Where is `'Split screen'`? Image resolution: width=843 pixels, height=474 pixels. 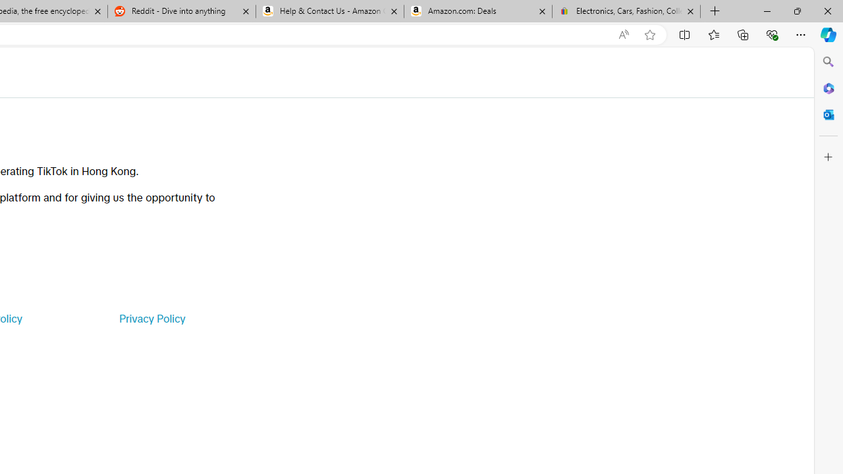 'Split screen' is located at coordinates (685, 34).